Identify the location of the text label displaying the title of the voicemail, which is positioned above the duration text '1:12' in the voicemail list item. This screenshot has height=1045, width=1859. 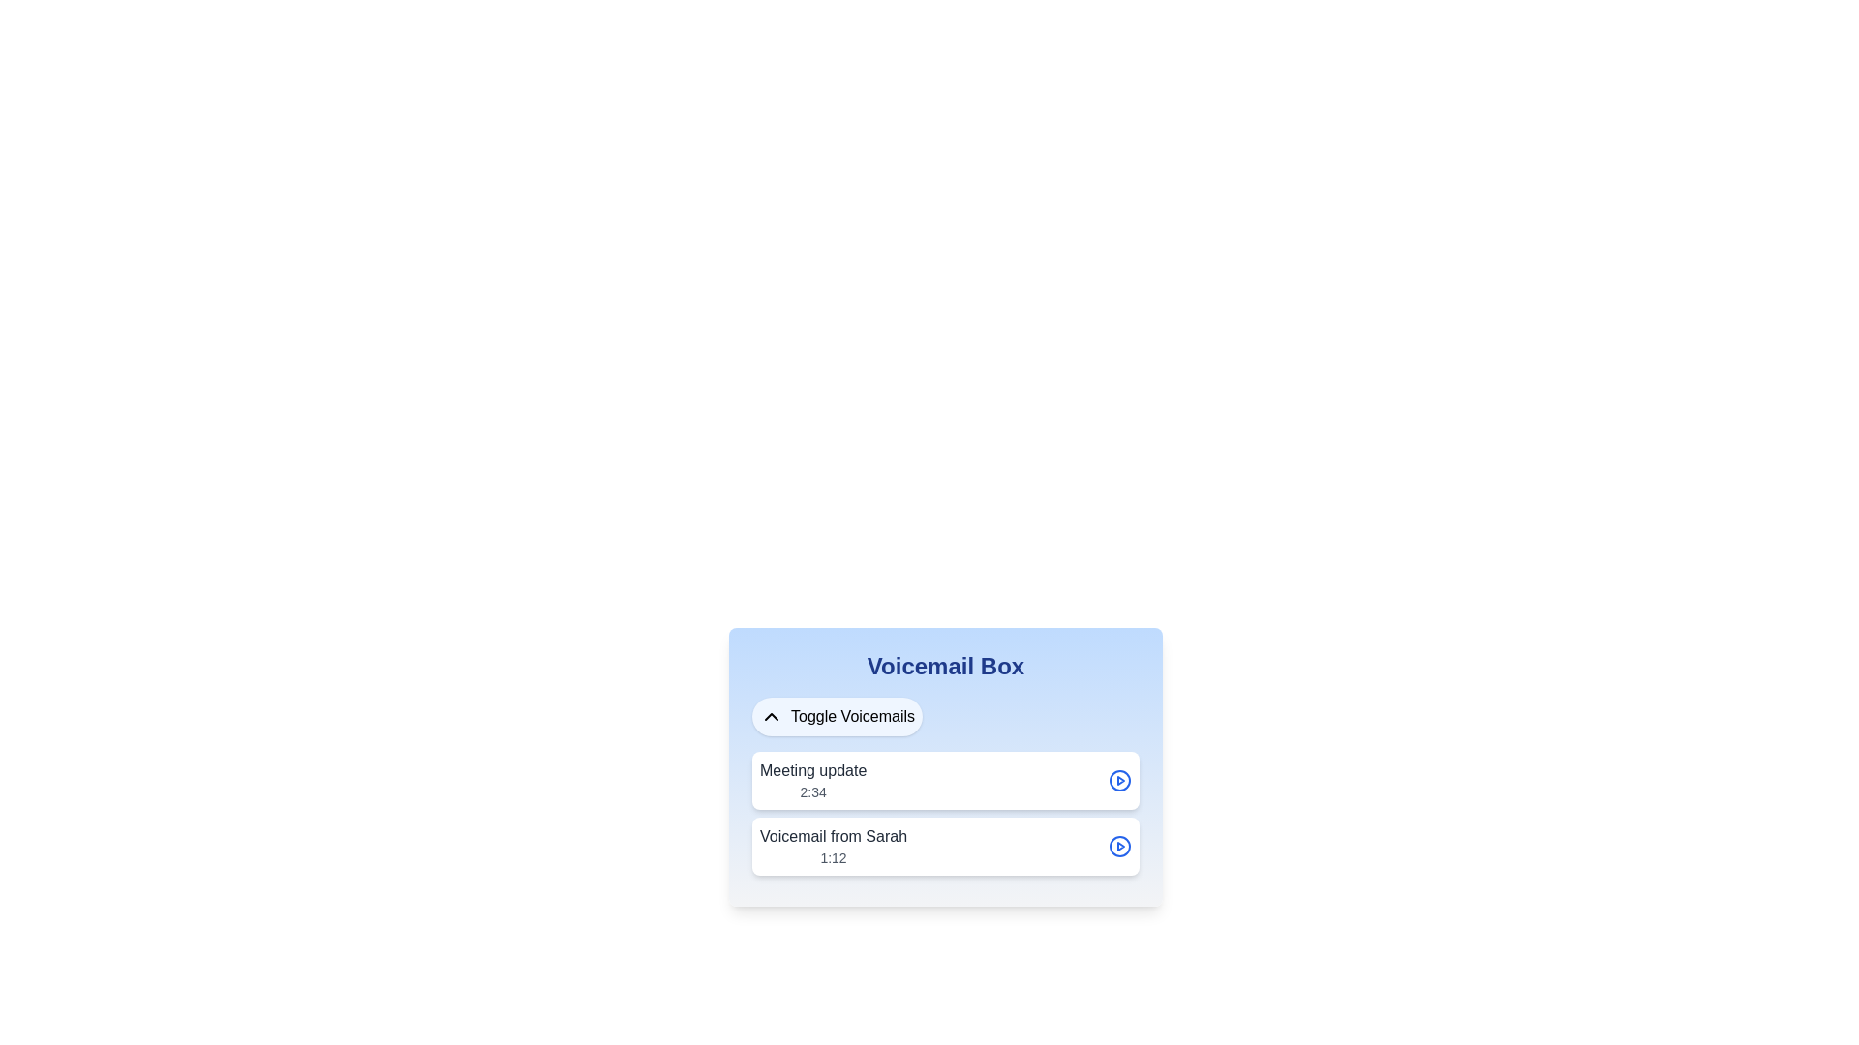
(834, 835).